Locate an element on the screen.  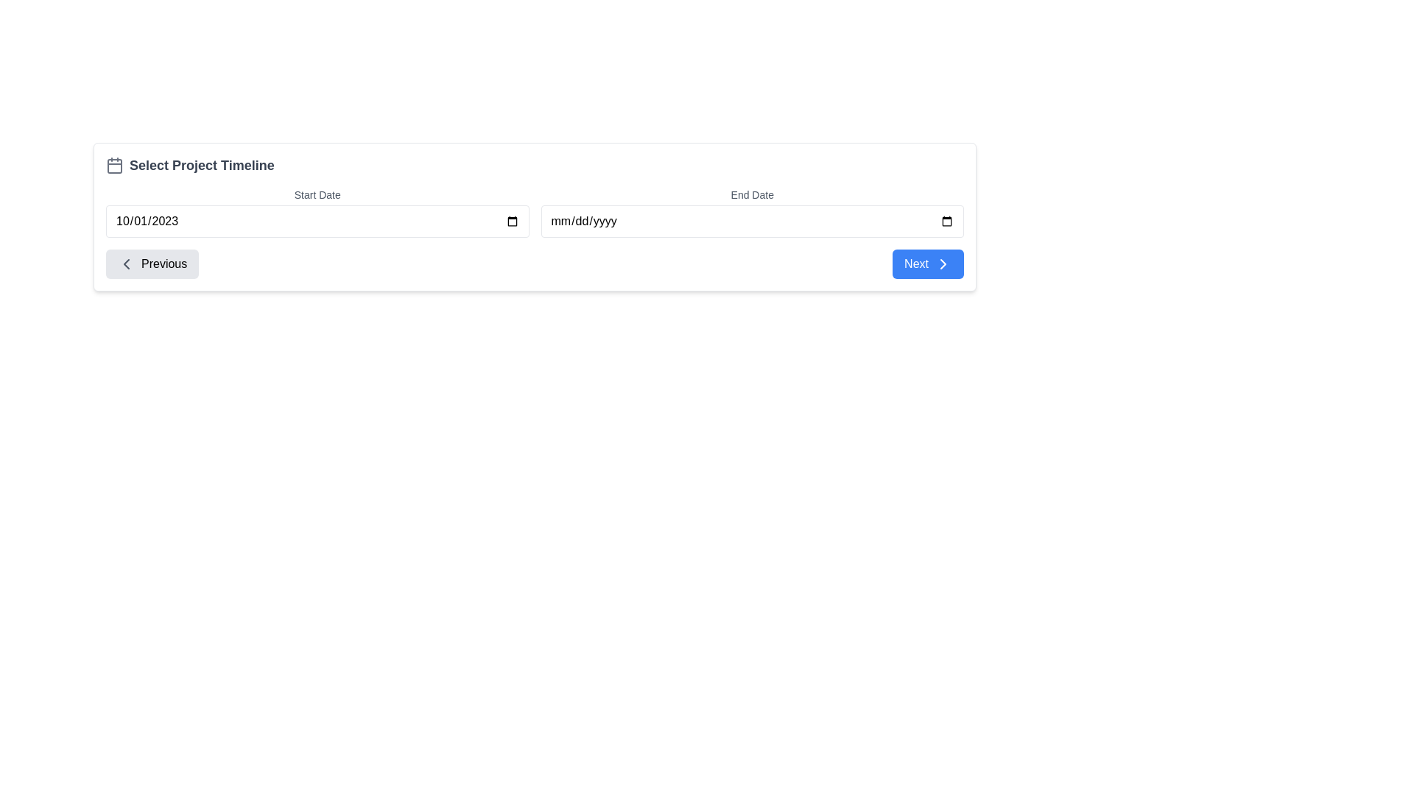
the minimalistic chevron icon pointing to the right, which is located on the right side of the 'Next' button is located at coordinates (943, 263).